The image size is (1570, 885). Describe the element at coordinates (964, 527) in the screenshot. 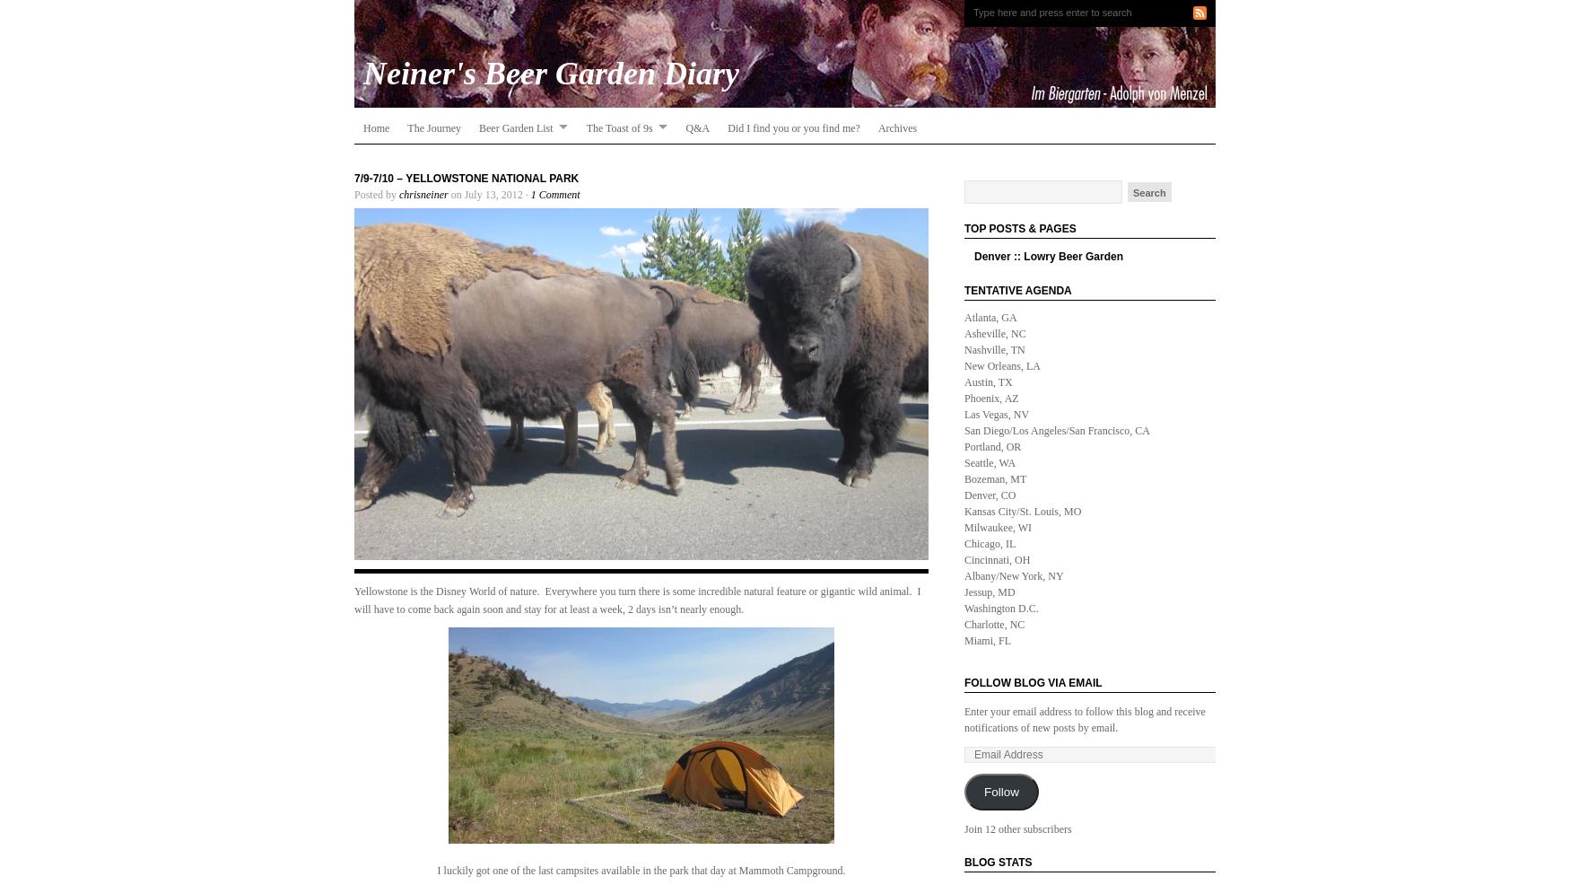

I see `'Milwaukee, WI'` at that location.